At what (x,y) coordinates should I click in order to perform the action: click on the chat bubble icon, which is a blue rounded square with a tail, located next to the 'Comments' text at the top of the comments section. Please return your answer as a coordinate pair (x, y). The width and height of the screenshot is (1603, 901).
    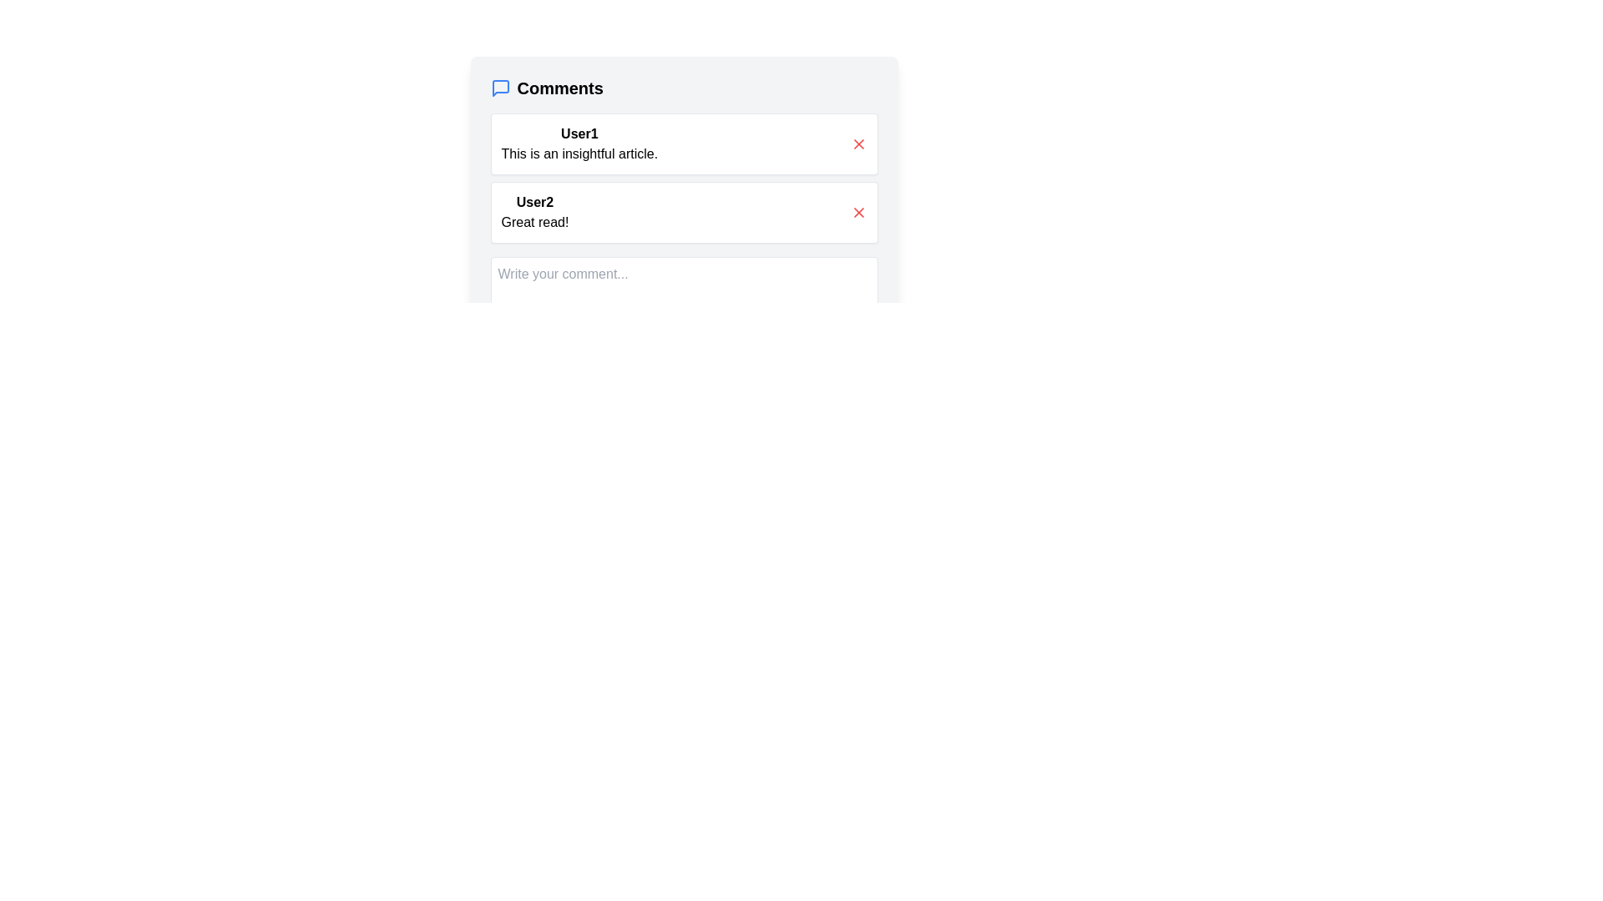
    Looking at the image, I should click on (499, 88).